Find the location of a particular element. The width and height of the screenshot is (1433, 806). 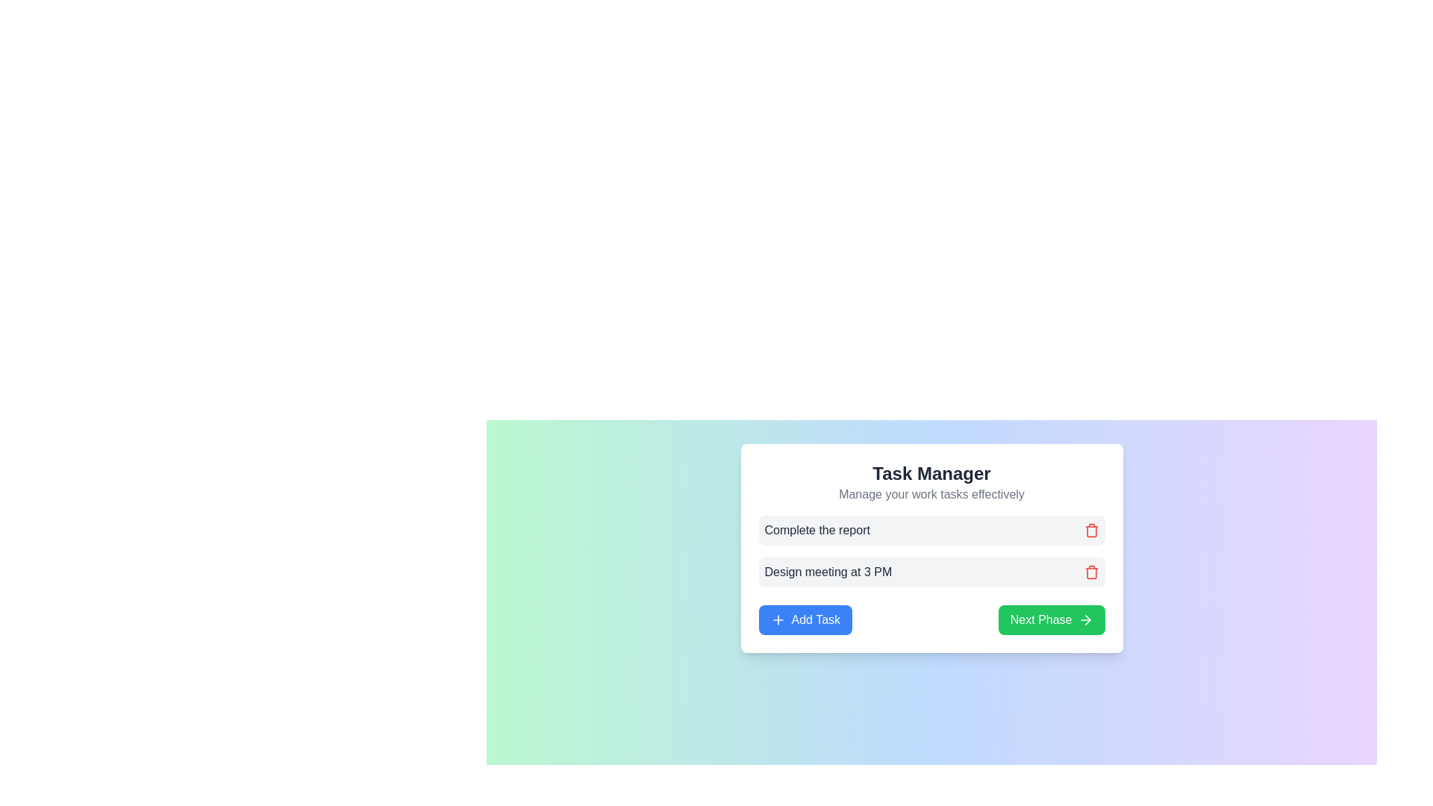

the trash icons in the Task List is located at coordinates (931, 552).